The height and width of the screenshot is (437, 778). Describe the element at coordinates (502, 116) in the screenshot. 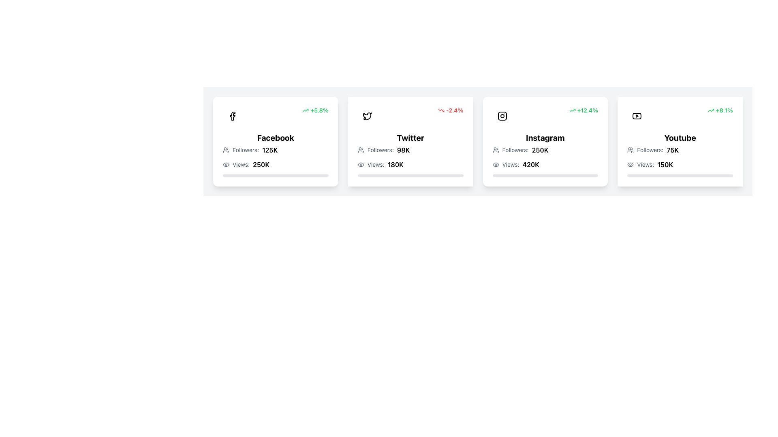

I see `the circular Instagram logo icon located in the upper-left corner of the Instagram card` at that location.